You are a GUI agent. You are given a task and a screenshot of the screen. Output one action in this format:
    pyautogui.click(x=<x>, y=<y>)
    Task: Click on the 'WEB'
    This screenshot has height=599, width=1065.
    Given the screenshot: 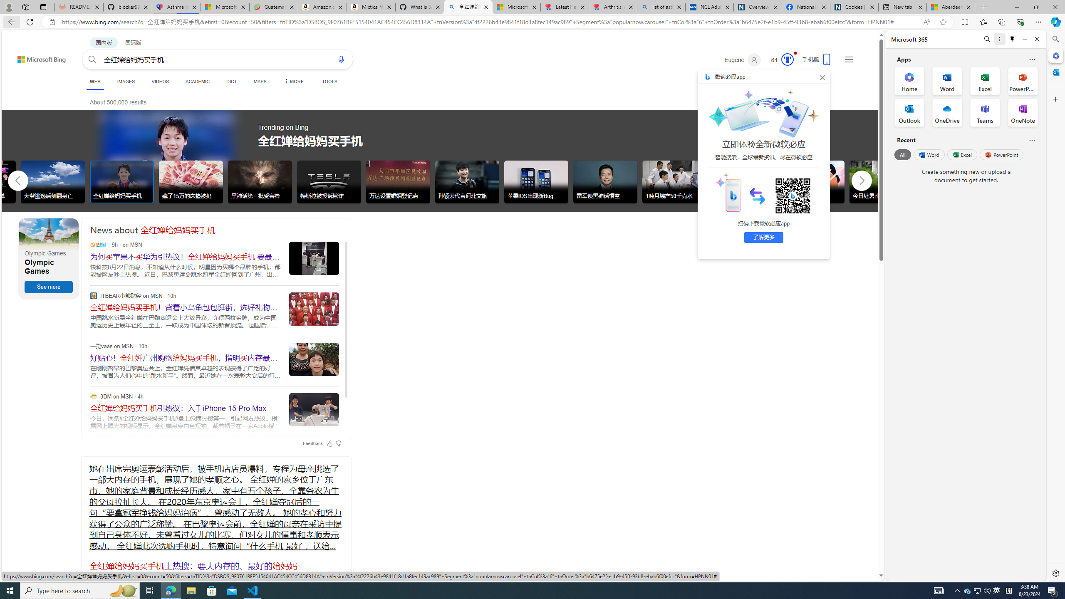 What is the action you would take?
    pyautogui.click(x=95, y=81)
    